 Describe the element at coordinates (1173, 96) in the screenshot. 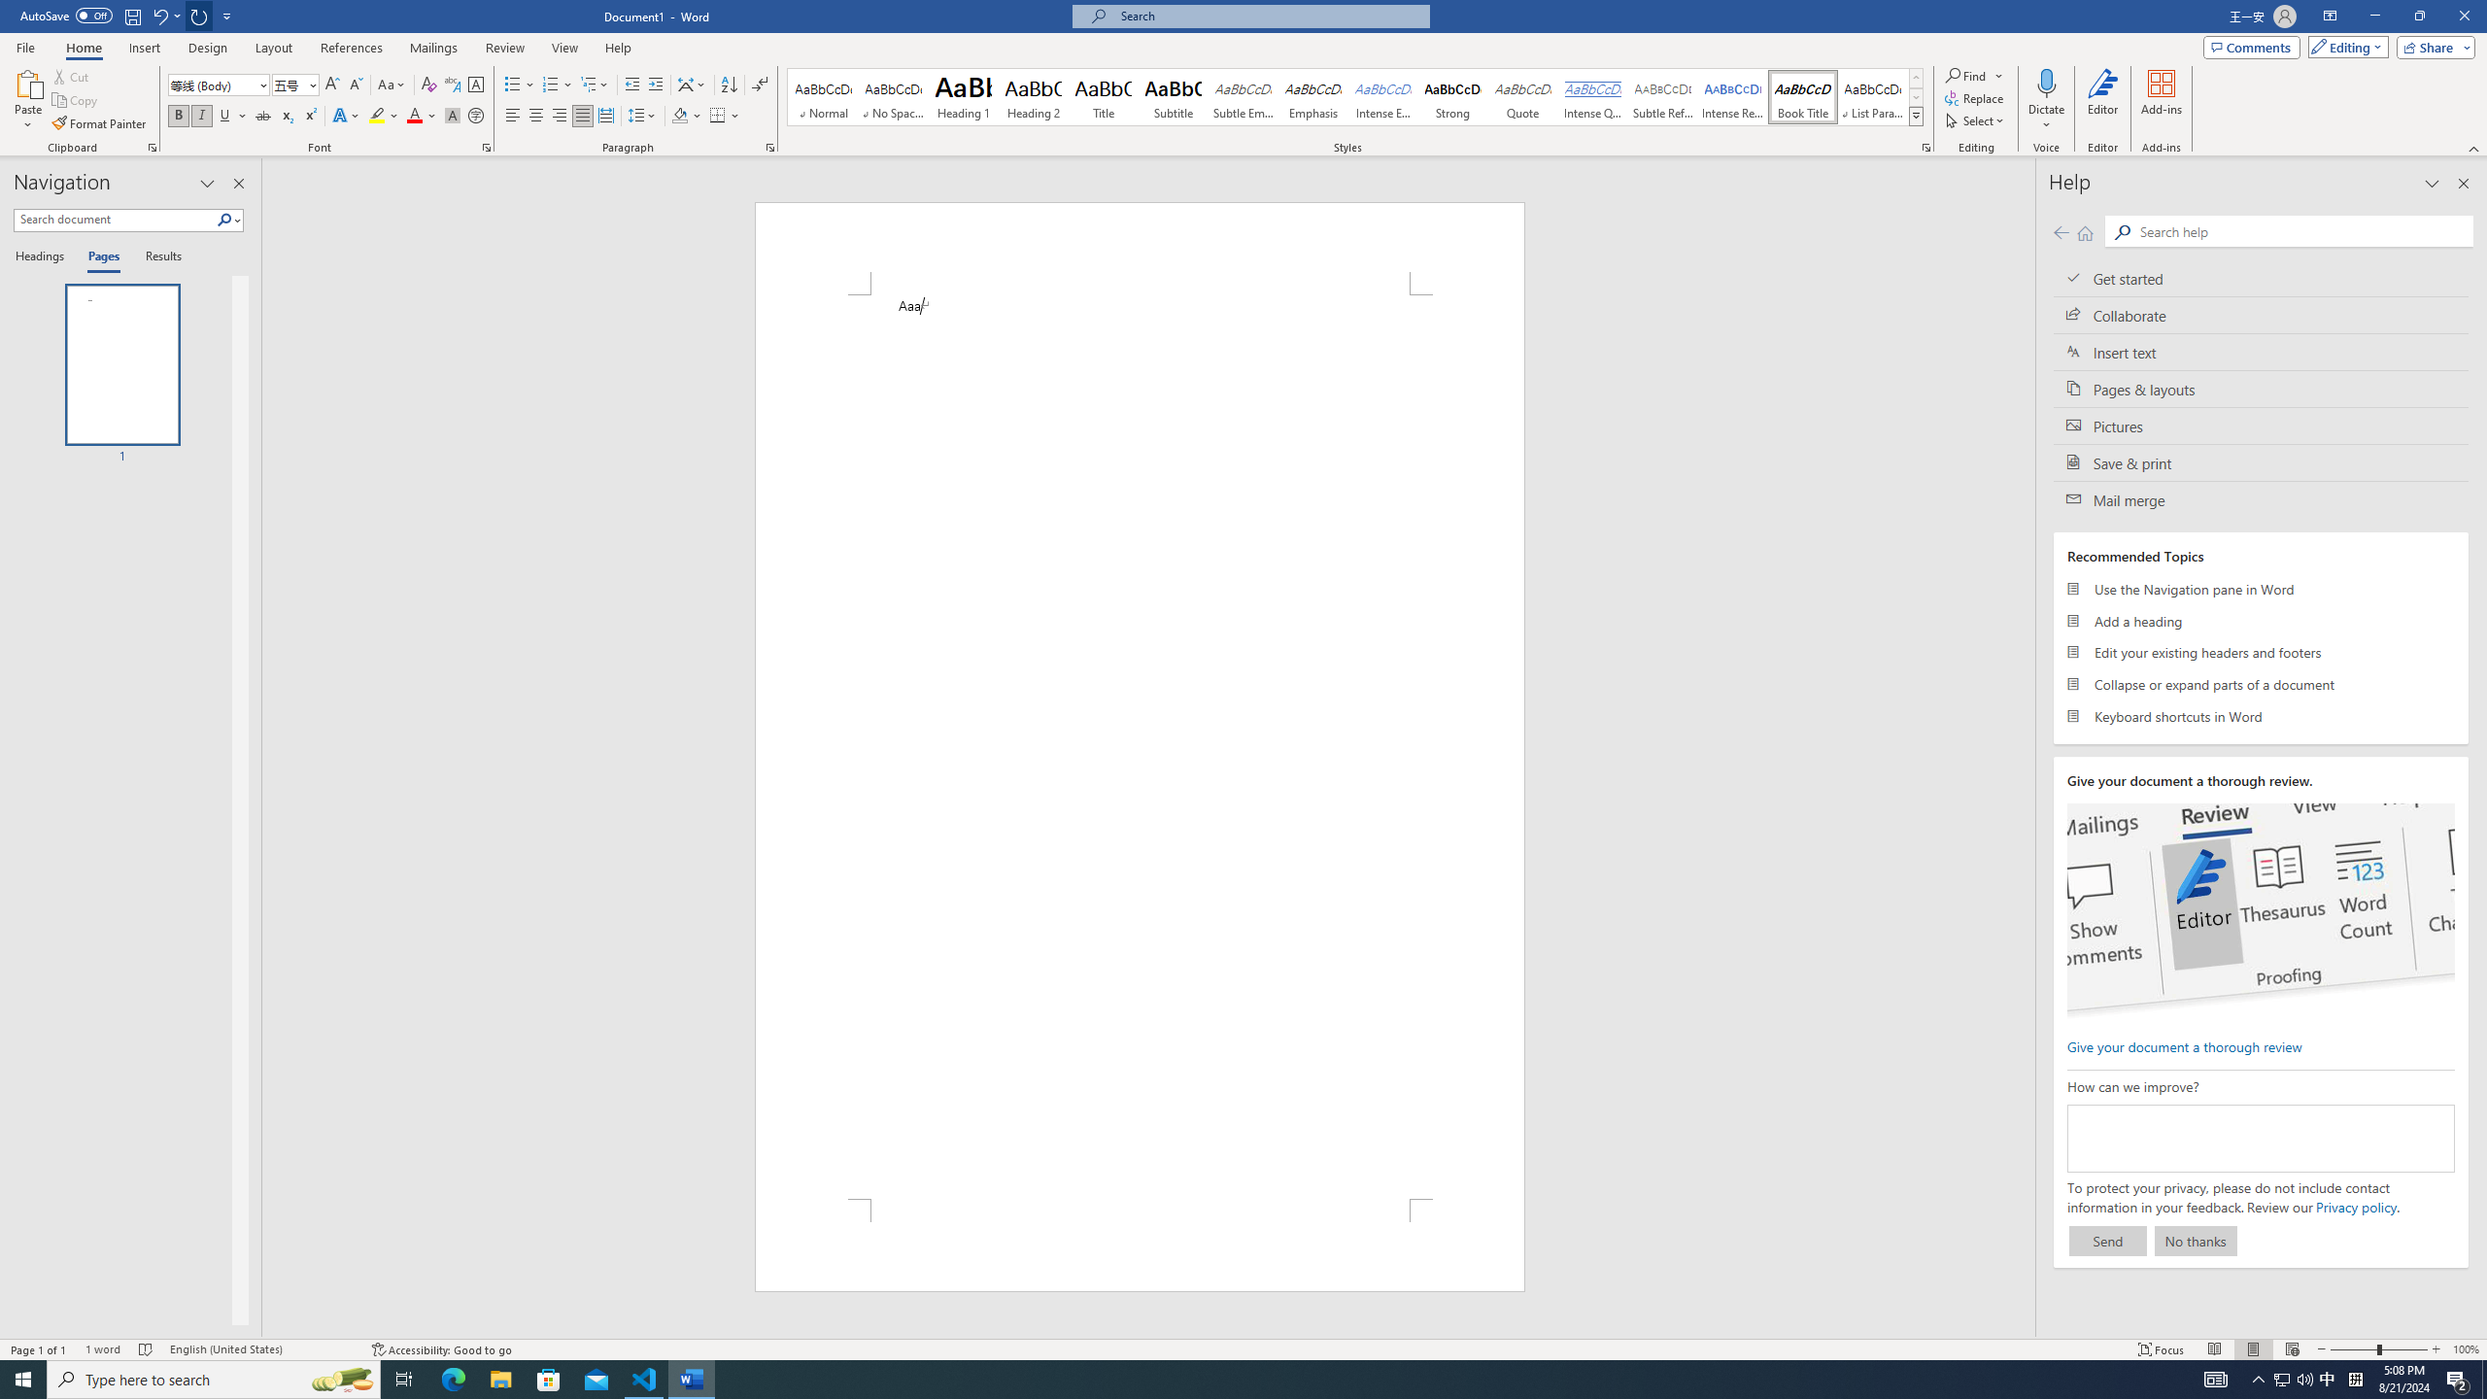

I see `'Subtitle'` at that location.